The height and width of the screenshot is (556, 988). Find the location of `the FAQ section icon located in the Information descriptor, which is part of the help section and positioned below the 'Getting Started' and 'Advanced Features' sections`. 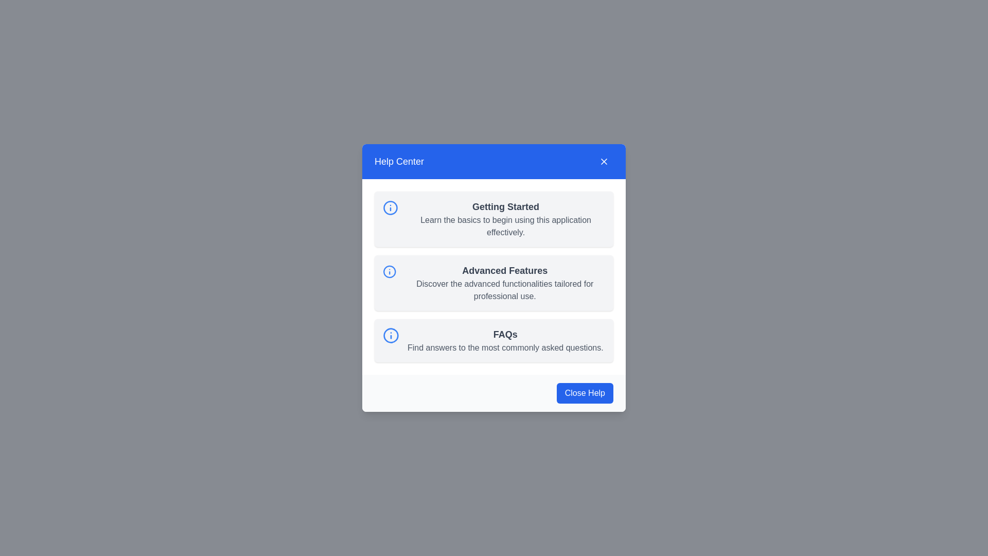

the FAQ section icon located in the Information descriptor, which is part of the help section and positioned below the 'Getting Started' and 'Advanced Features' sections is located at coordinates (494, 341).